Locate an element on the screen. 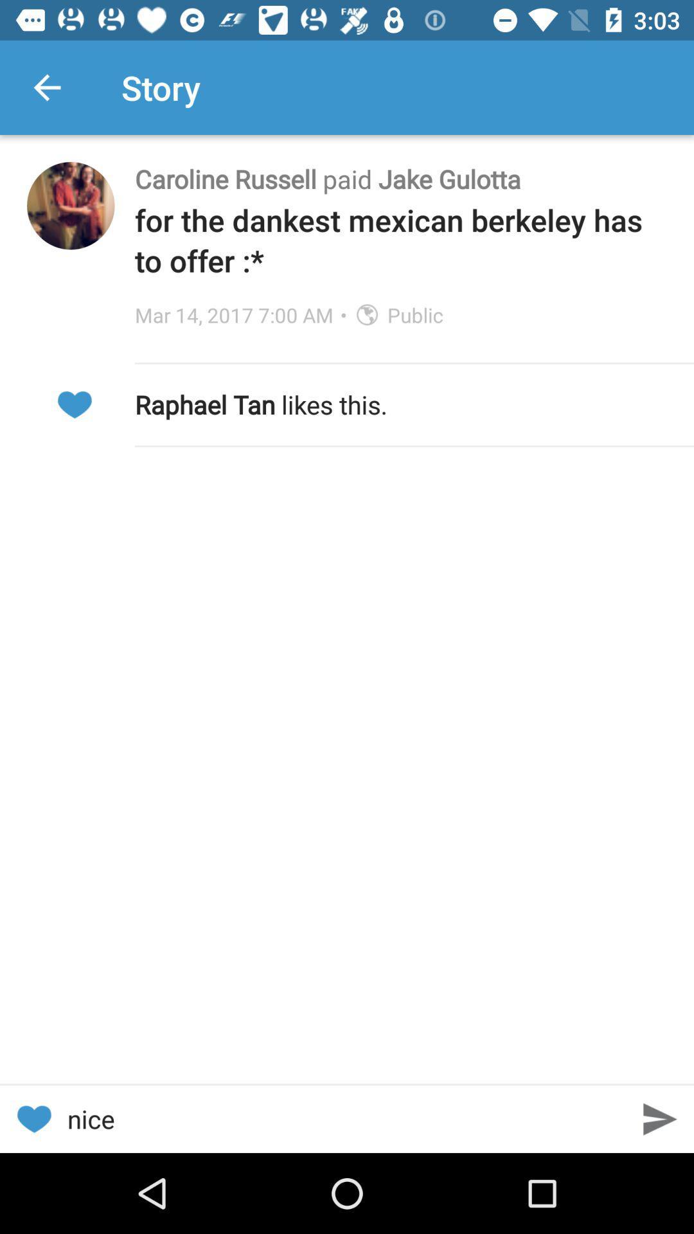 This screenshot has height=1234, width=694. next is located at coordinates (660, 1118).